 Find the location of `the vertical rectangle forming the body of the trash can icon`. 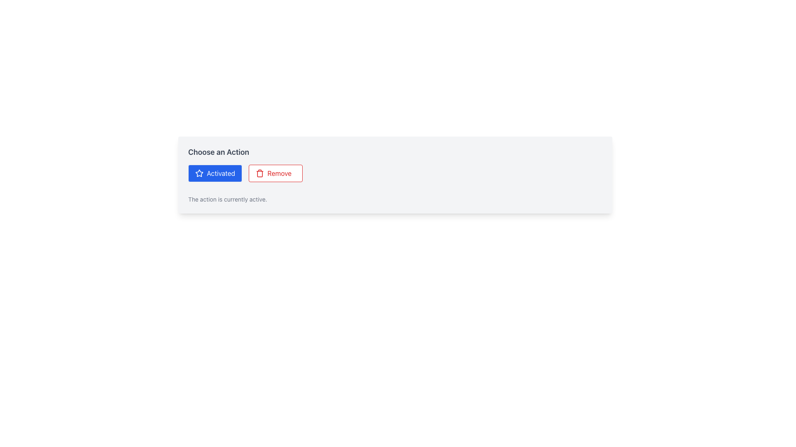

the vertical rectangle forming the body of the trash can icon is located at coordinates (260, 173).